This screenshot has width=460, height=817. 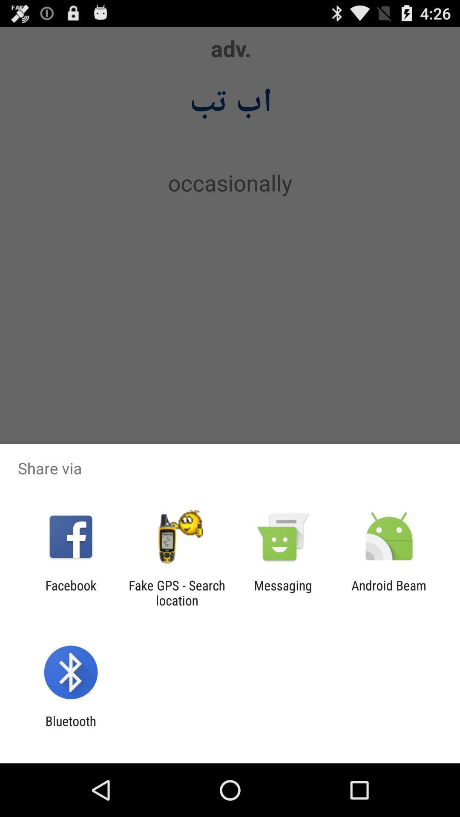 I want to click on the fake gps search icon, so click(x=176, y=592).